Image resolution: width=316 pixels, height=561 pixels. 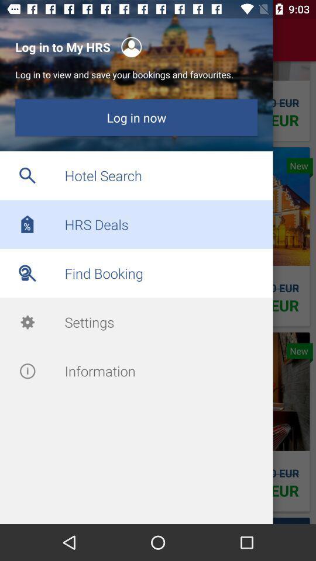 I want to click on log in now, so click(x=136, y=117).